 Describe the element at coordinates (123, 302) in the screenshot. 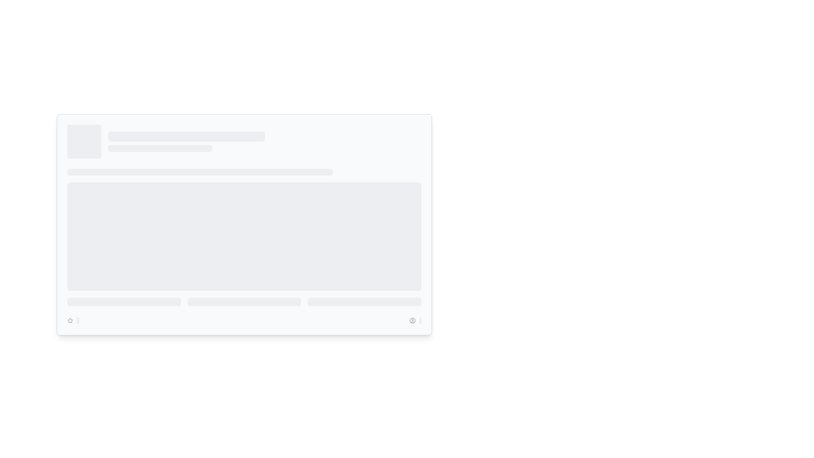

I see `the leftmost Skeleton Placeholder Component with a gray background and rounded corners located near the bottom middle section of the interface` at that location.